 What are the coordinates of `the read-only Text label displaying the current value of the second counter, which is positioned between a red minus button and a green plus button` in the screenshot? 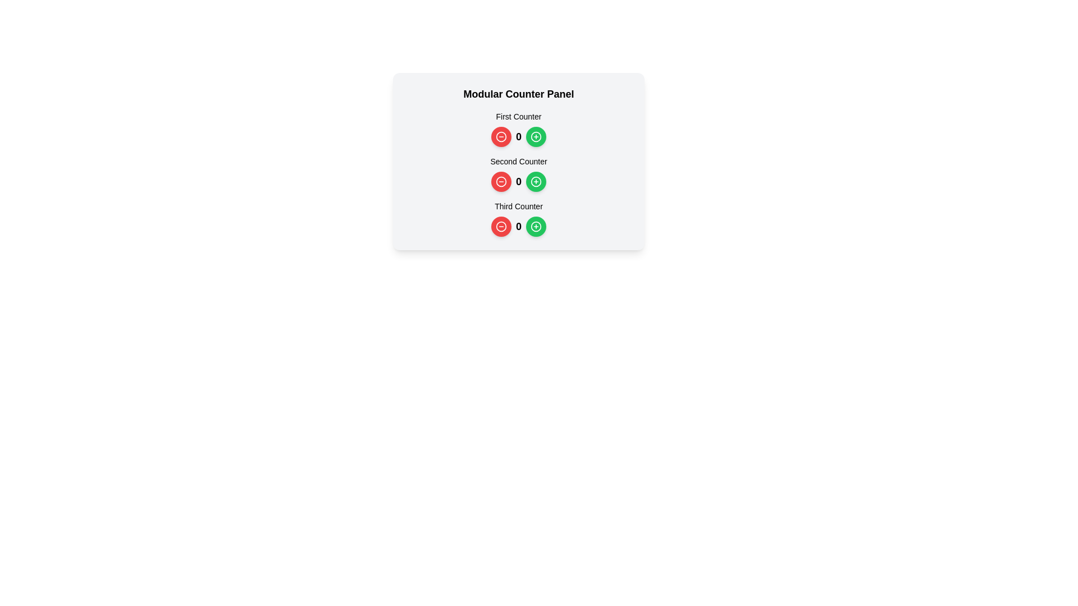 It's located at (518, 181).